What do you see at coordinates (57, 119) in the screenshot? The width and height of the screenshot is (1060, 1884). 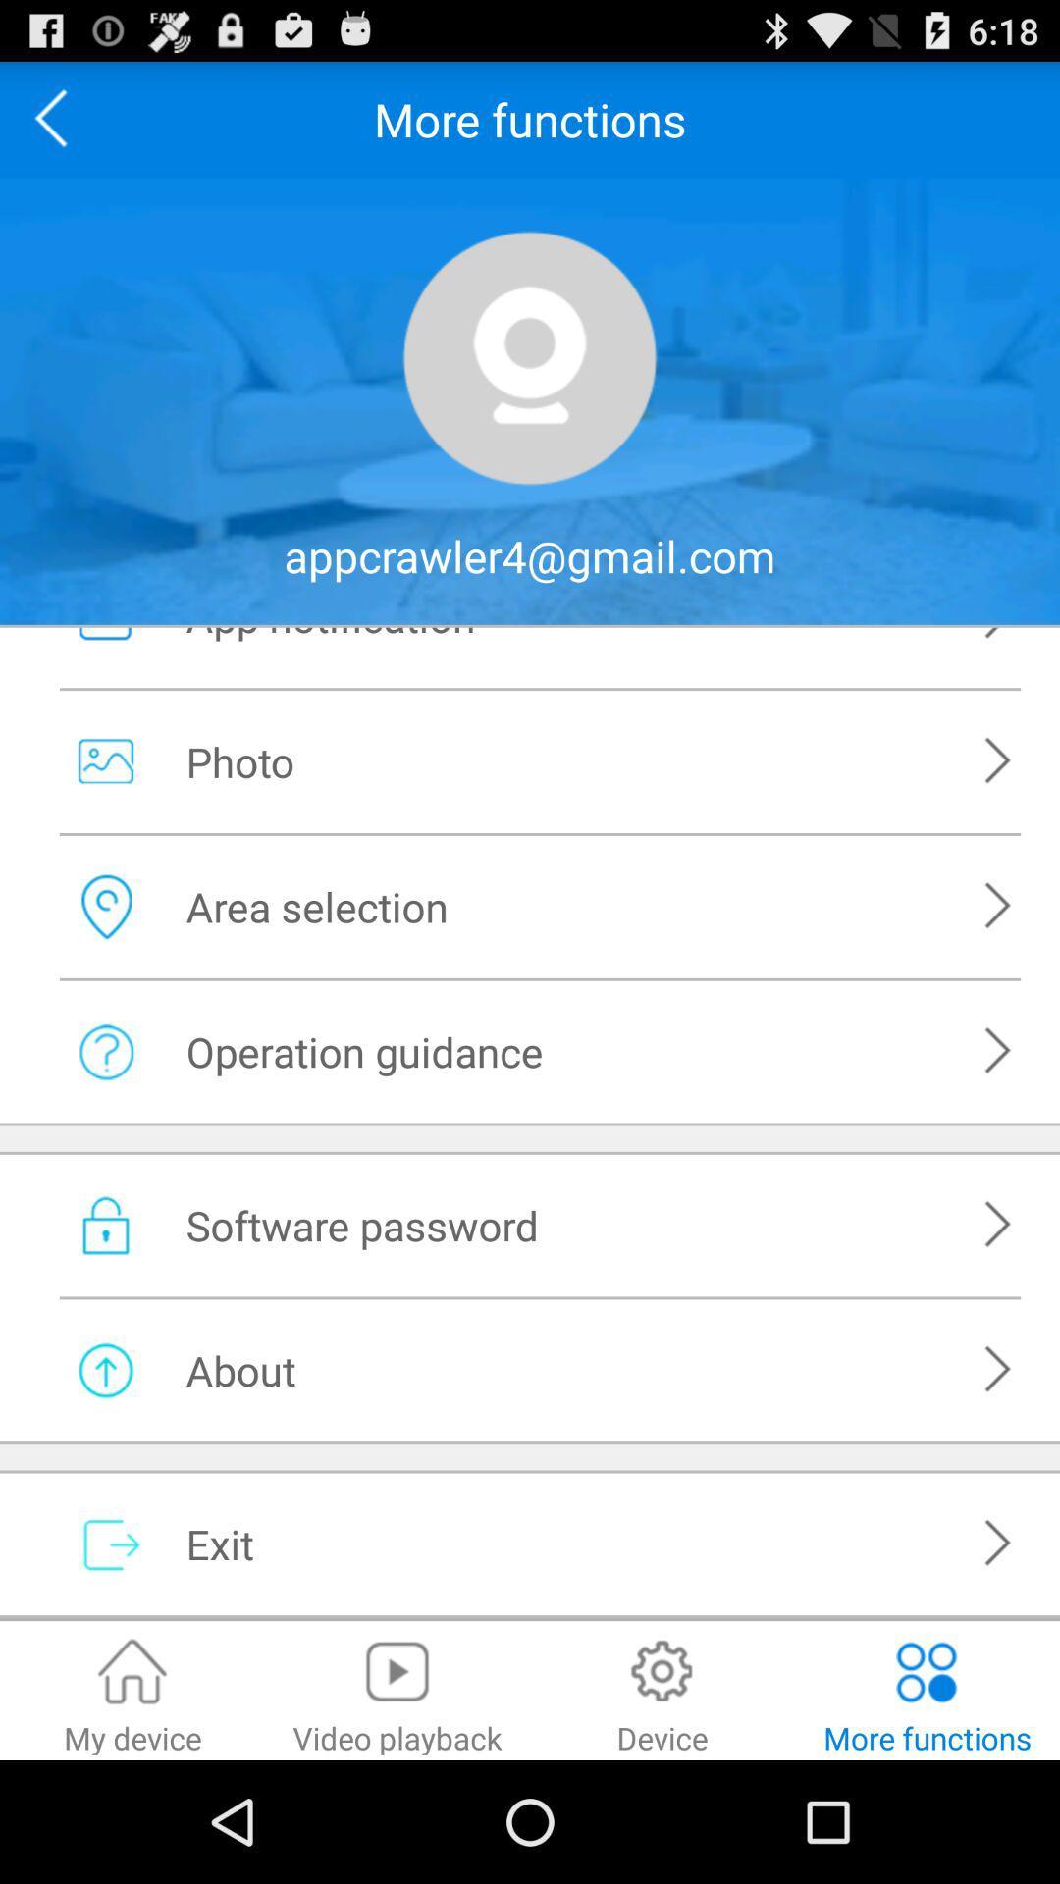 I see `previous` at bounding box center [57, 119].